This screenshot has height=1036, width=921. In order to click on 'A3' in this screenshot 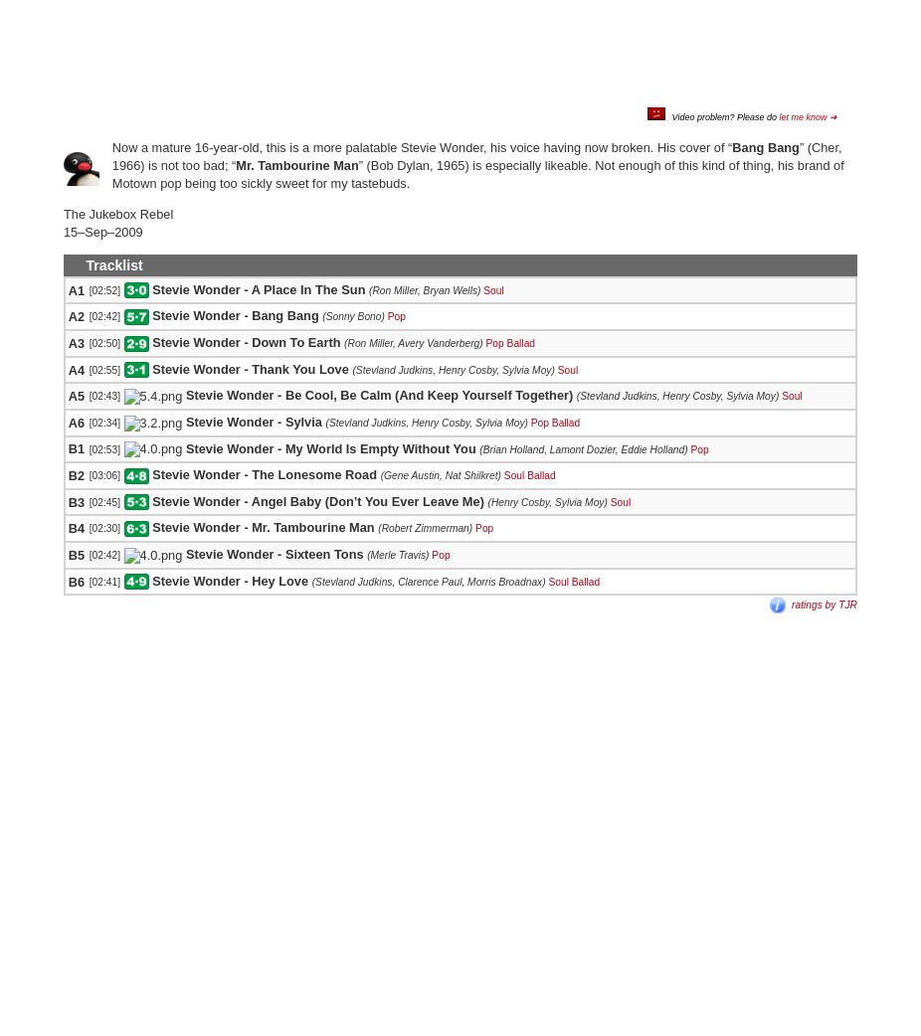, I will do `click(75, 342)`.